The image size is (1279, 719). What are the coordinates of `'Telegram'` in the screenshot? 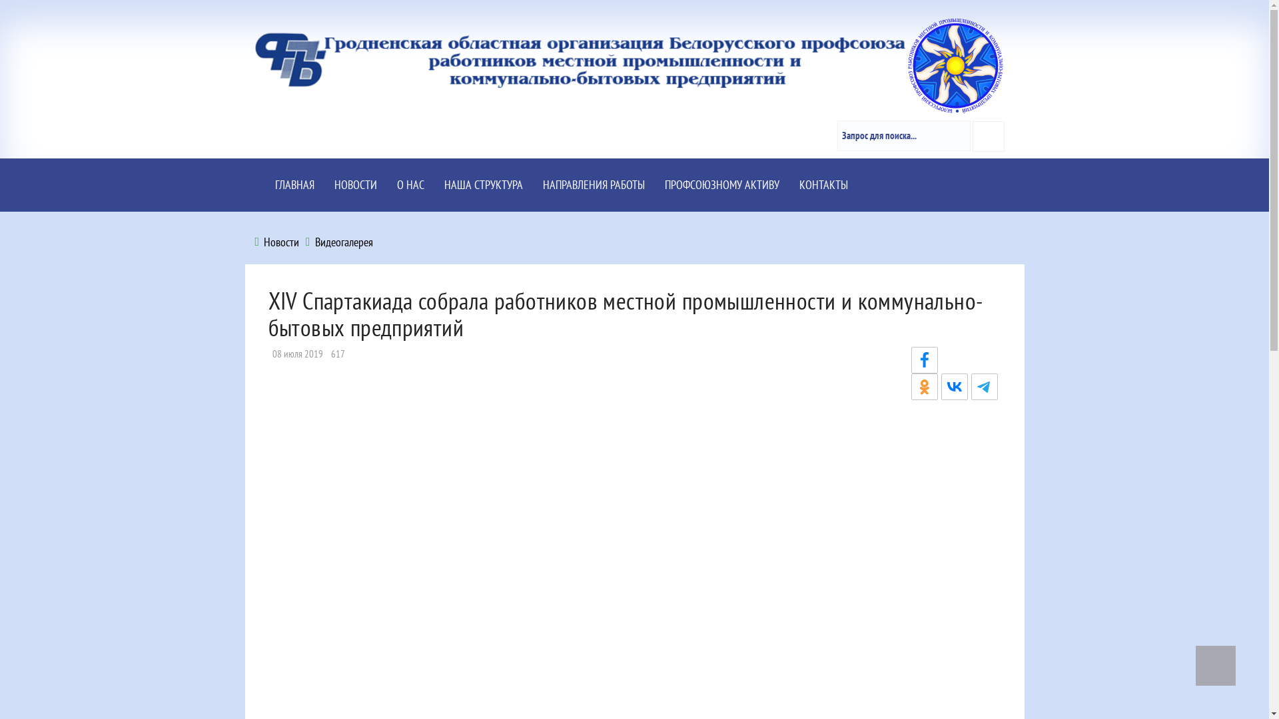 It's located at (985, 387).